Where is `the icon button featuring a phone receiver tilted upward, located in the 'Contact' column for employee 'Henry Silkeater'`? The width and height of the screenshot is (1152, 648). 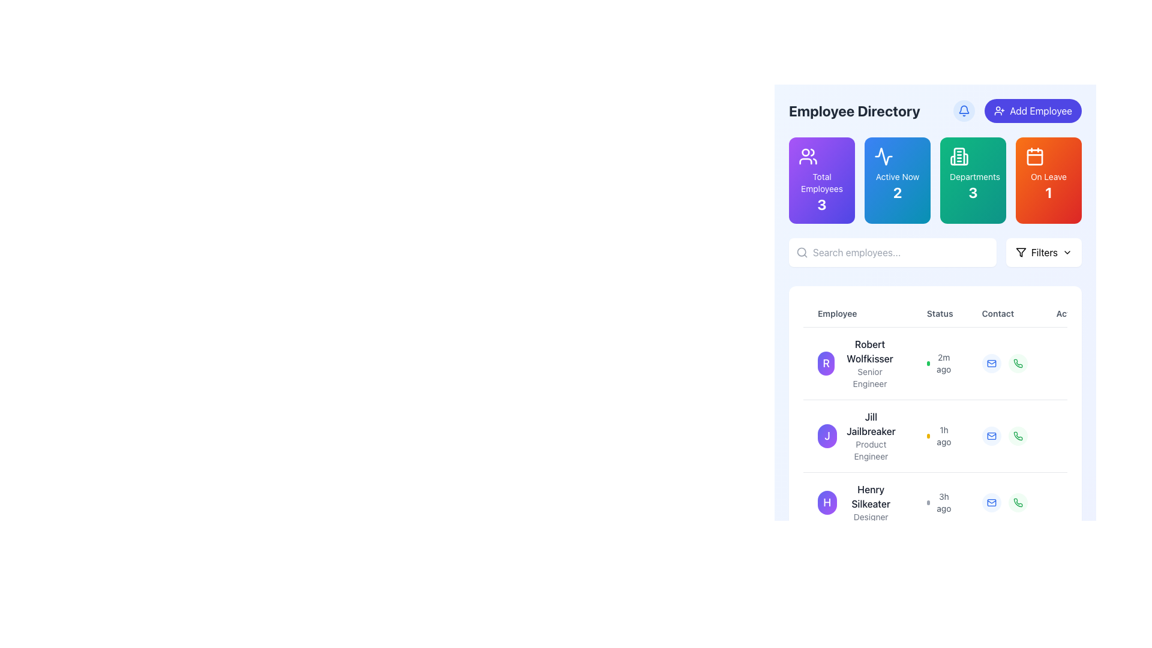
the icon button featuring a phone receiver tilted upward, located in the 'Contact' column for employee 'Henry Silkeater' is located at coordinates (1017, 436).